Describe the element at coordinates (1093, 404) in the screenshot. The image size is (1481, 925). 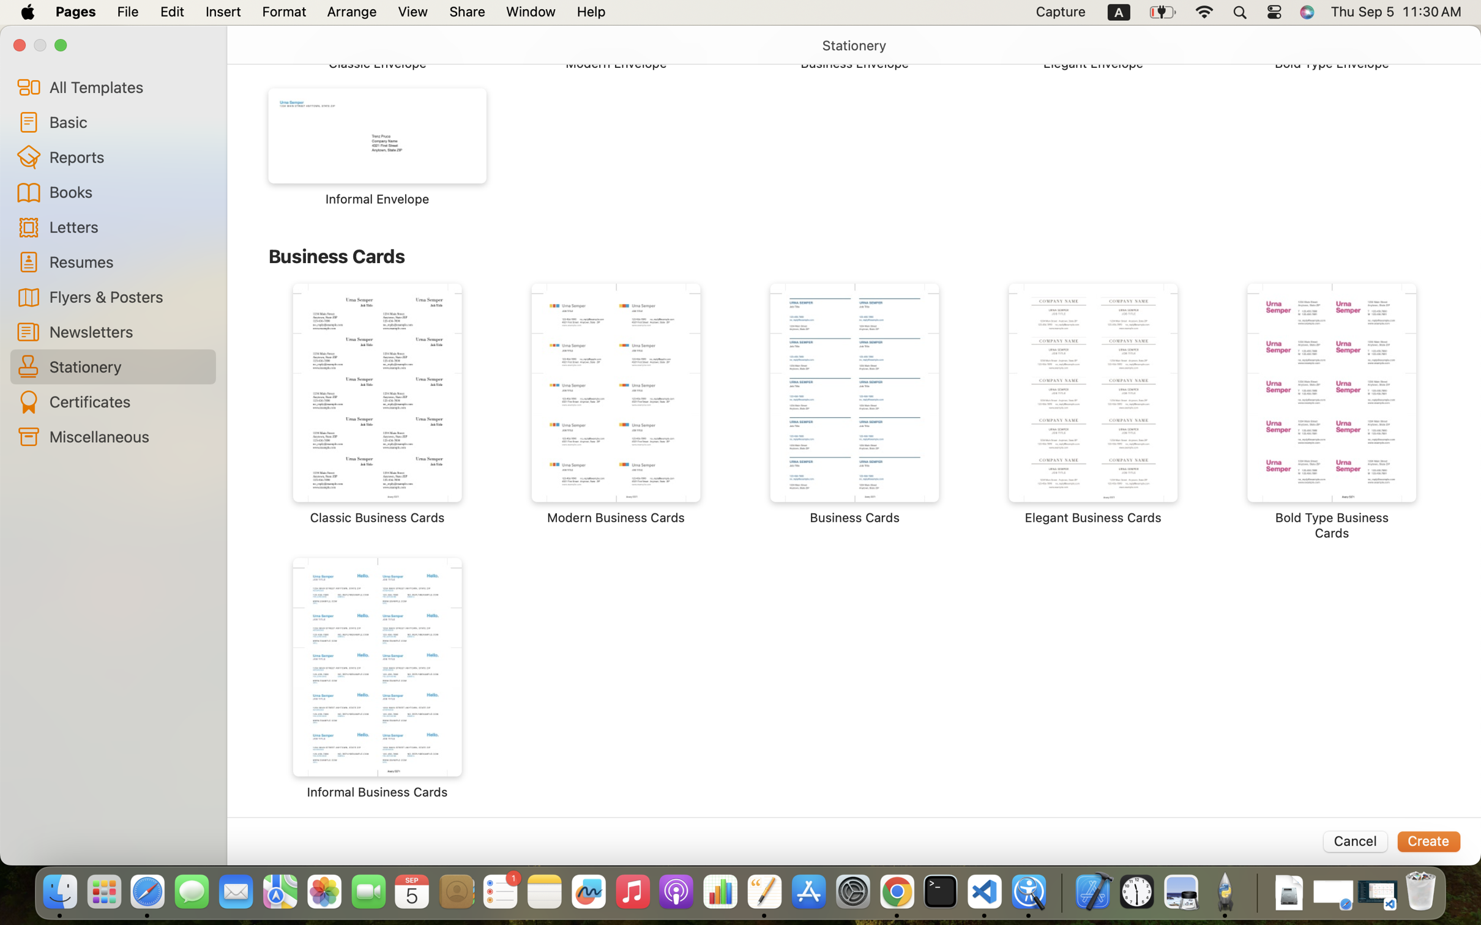
I see `'‎⁨Elegant Business Cards⁩'` at that location.